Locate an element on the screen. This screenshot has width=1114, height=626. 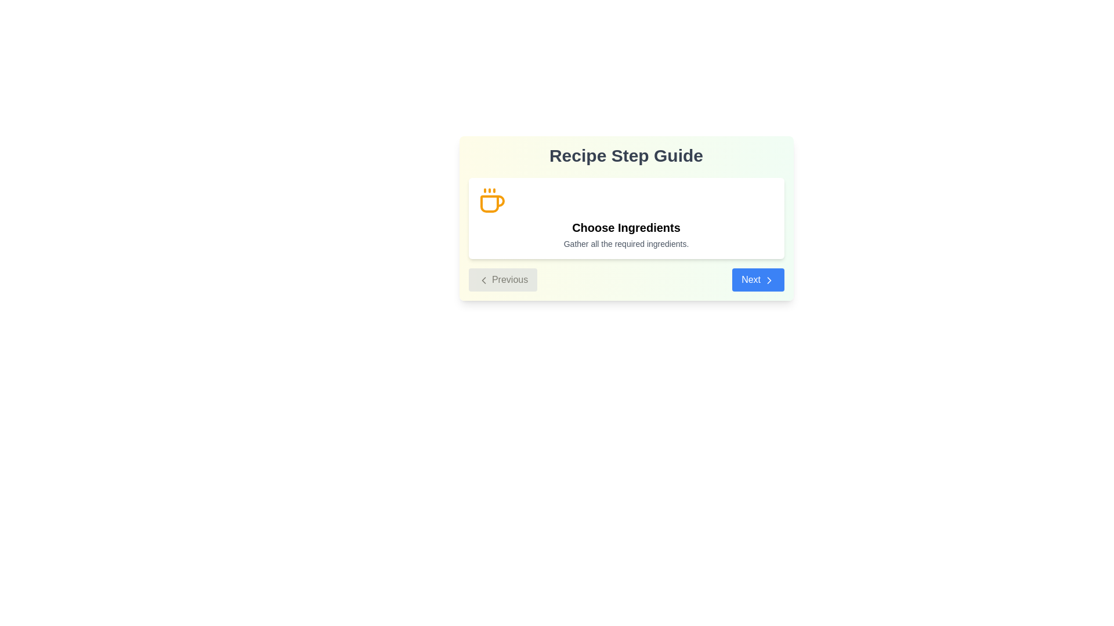
the decorative SVG icon representing the 'Choose Ingredients' step, located in the top-left region of the card is located at coordinates (492, 203).